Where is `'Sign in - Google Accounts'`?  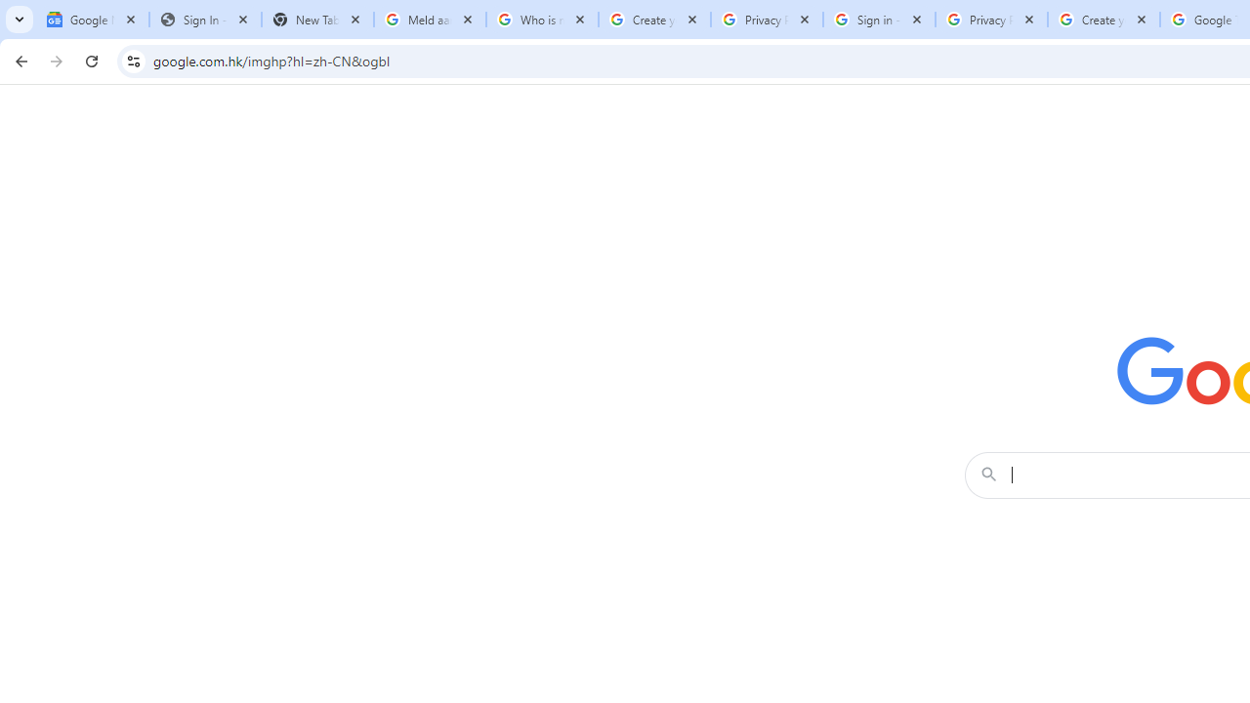
'Sign in - Google Accounts' is located at coordinates (878, 20).